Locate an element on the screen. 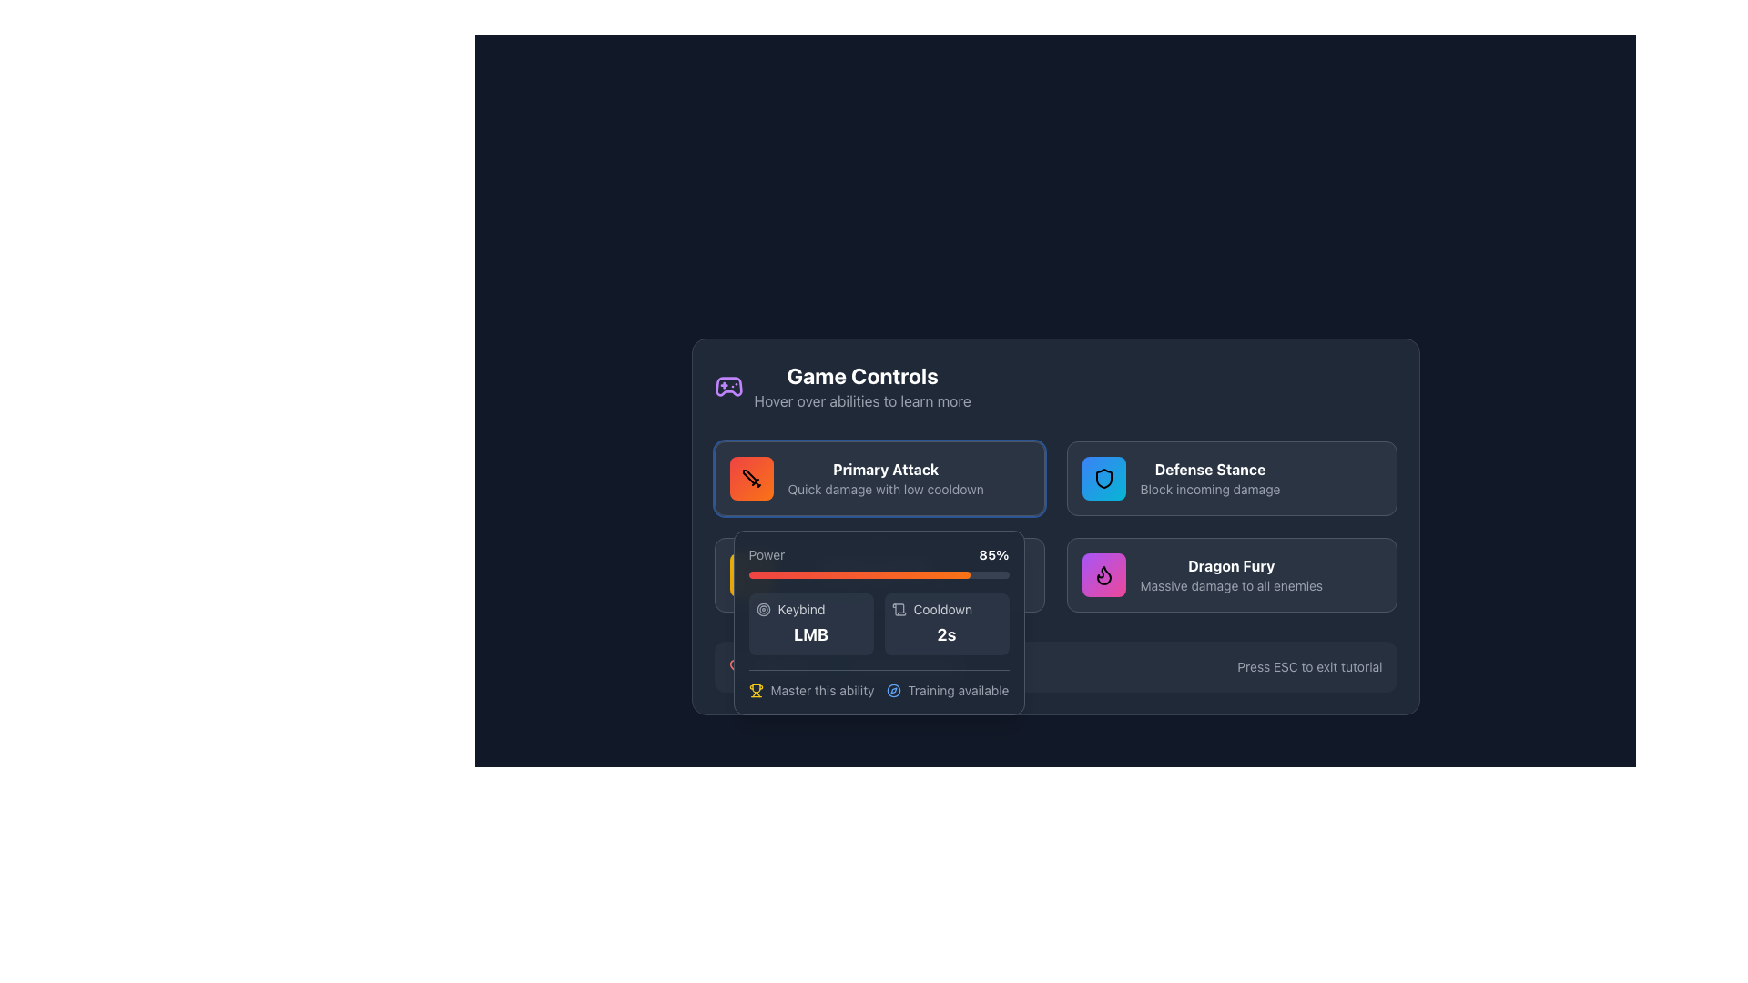  the shield icon representing 'Defense Stance' in the upper-right section of the Game Controls panel is located at coordinates (1103, 477).